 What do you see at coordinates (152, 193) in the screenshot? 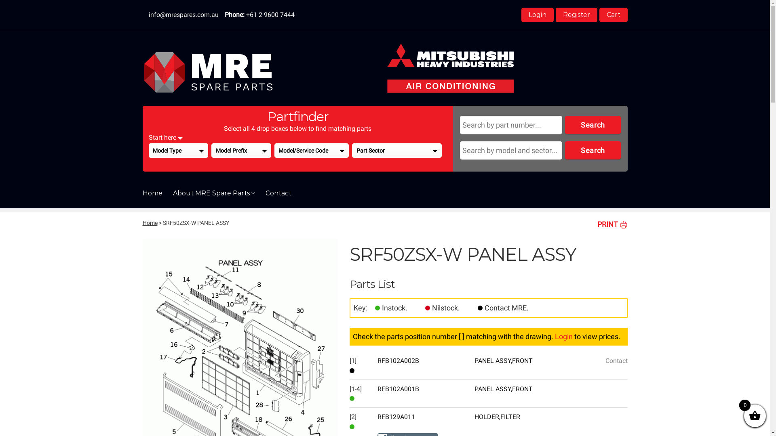
I see `'Home'` at bounding box center [152, 193].